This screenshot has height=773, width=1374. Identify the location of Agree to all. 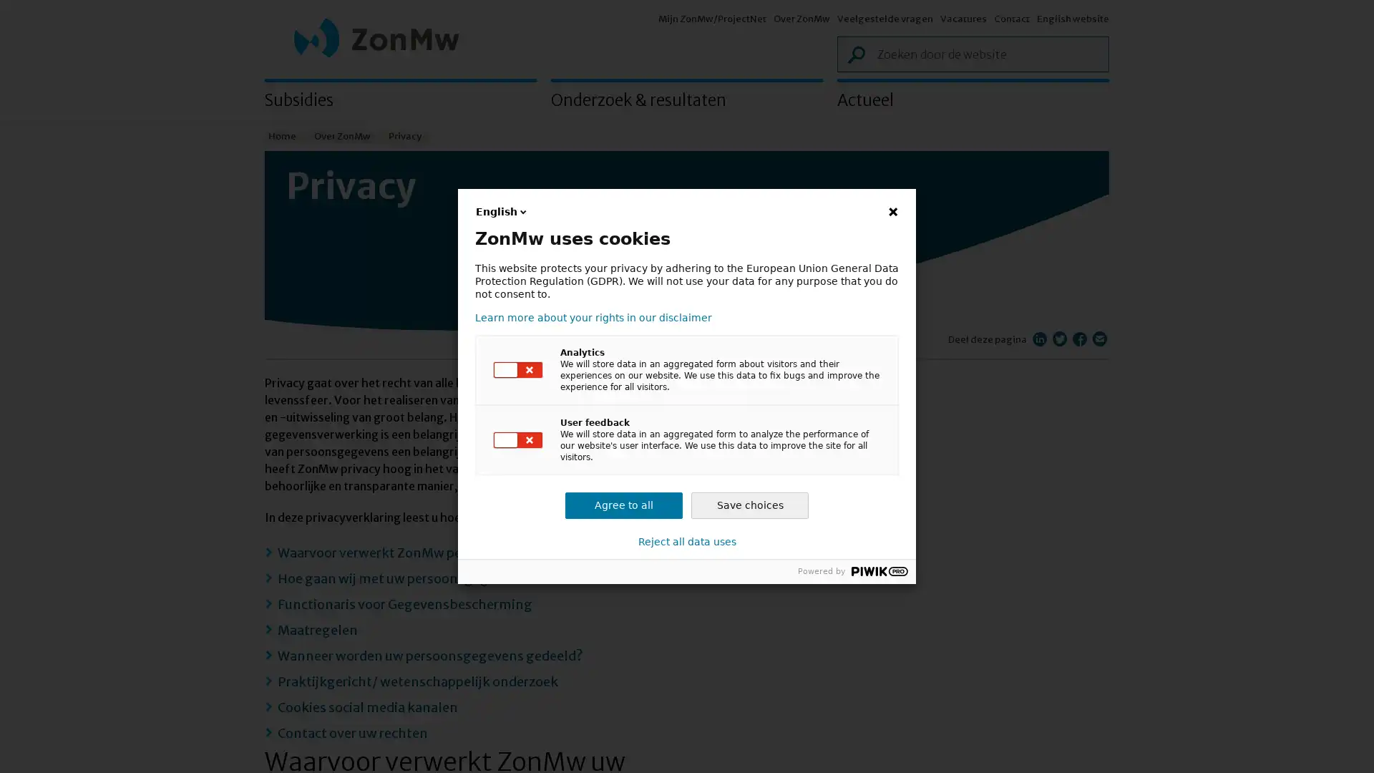
(624, 505).